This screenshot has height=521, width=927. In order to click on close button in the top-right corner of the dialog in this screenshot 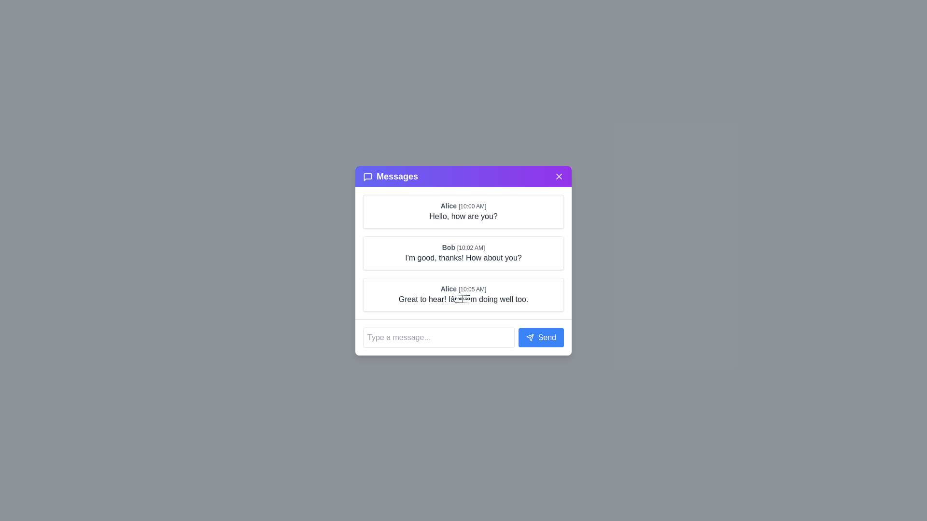, I will do `click(559, 176)`.